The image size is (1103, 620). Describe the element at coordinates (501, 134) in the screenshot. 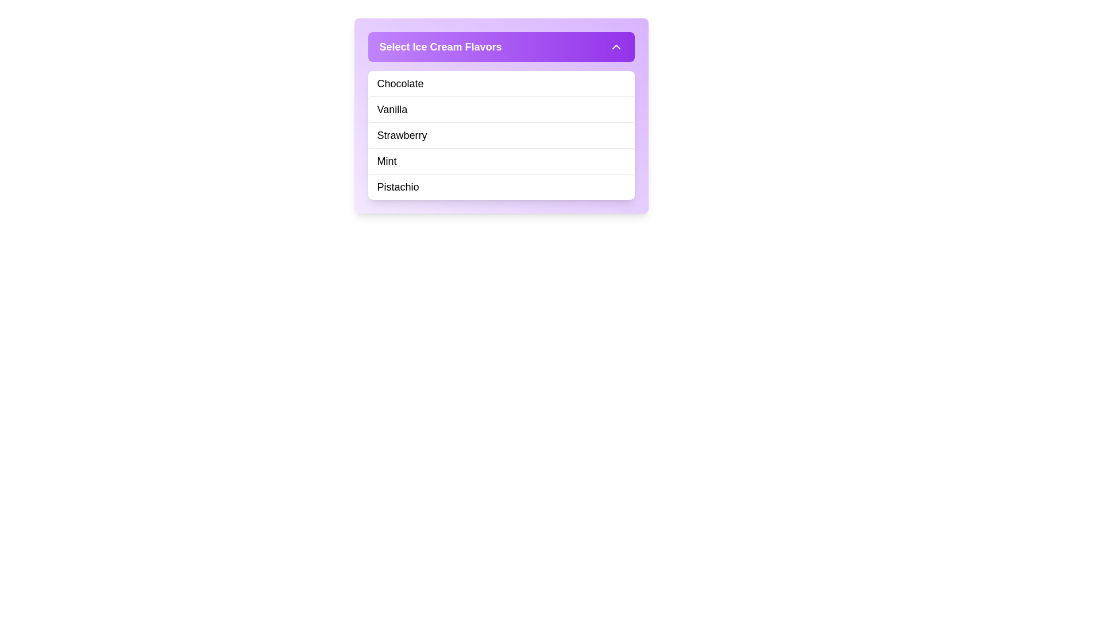

I see `the third item in the list of selectable ice cream flavors, which is positioned between 'Vanilla' and 'Mint'` at that location.